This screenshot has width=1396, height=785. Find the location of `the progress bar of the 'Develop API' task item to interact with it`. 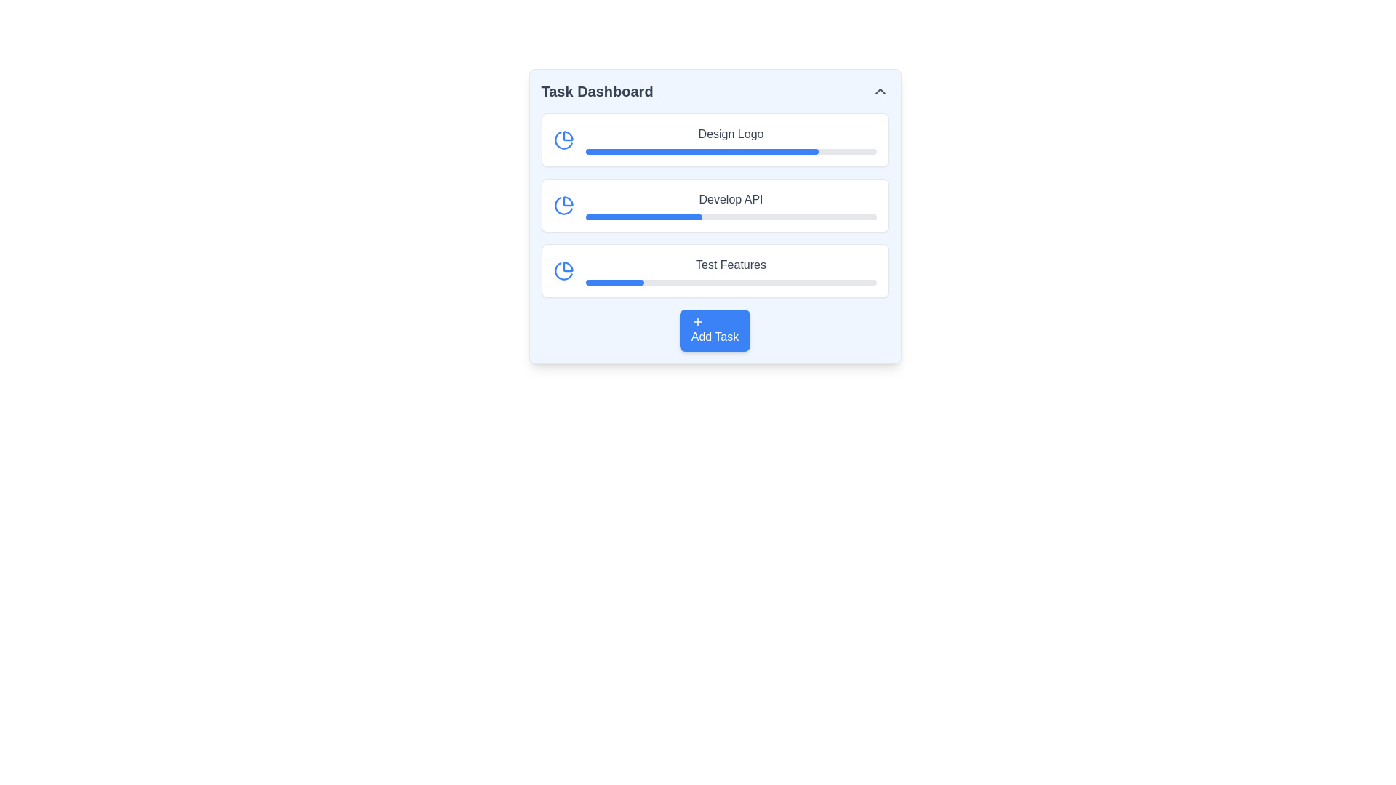

the progress bar of the 'Develop API' task item to interact with it is located at coordinates (731, 205).